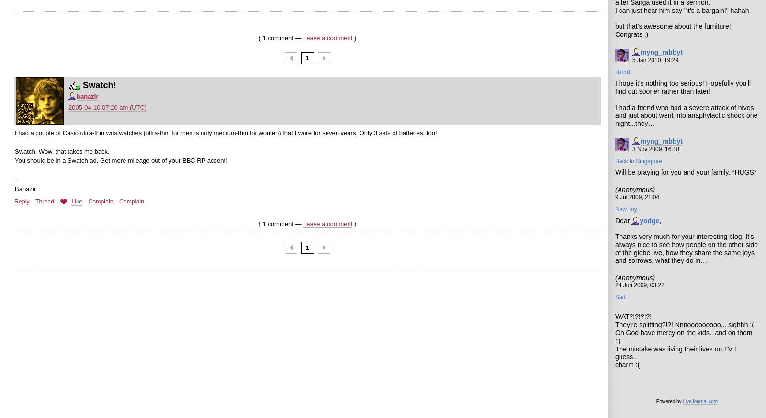 This screenshot has width=766, height=418. Describe the element at coordinates (627, 364) in the screenshot. I see `'charm :('` at that location.